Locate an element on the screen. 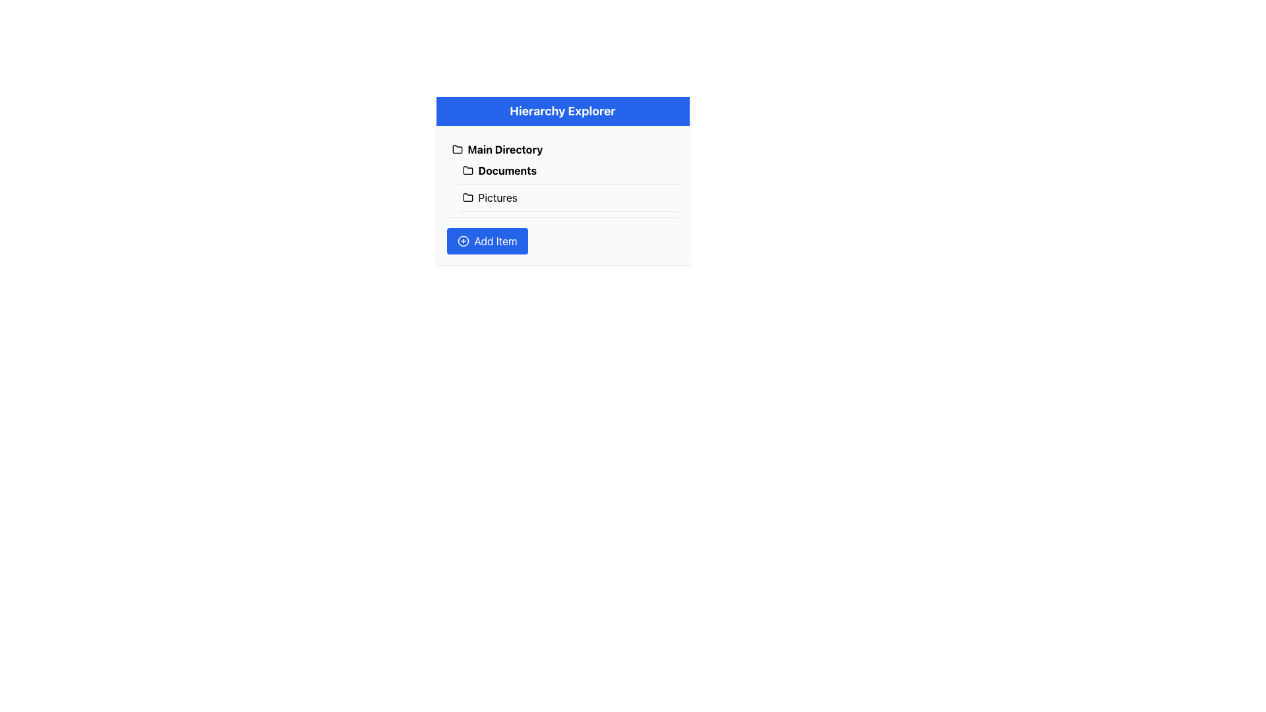  the small folder icon, which is outlined and located to the left of the 'Documents' text is located at coordinates (467, 169).